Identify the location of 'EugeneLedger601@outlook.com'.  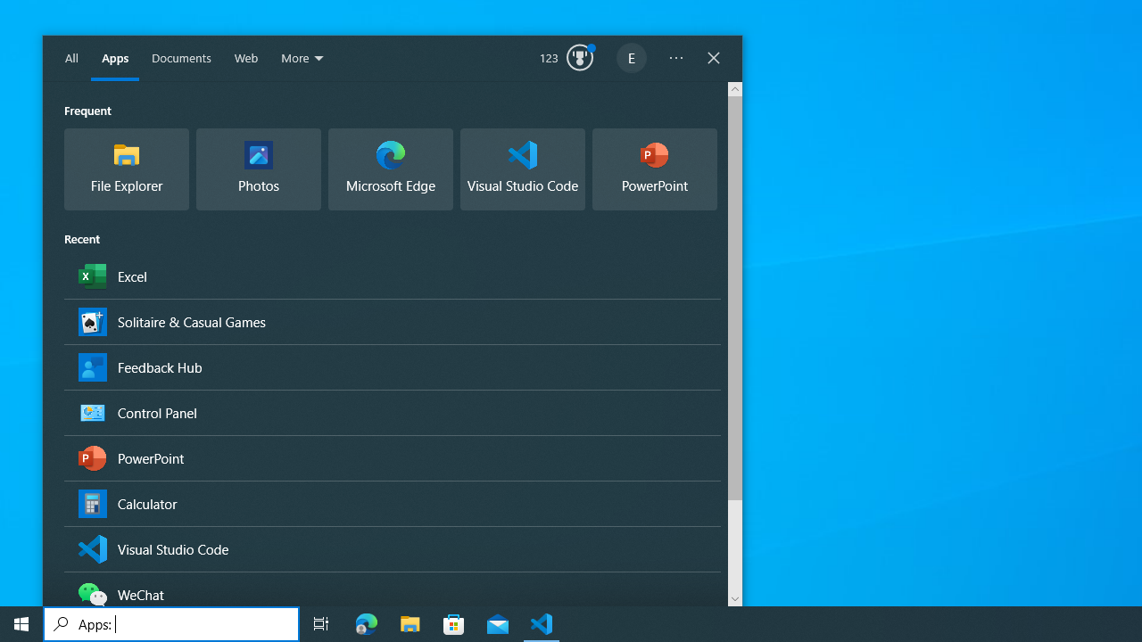
(631, 58).